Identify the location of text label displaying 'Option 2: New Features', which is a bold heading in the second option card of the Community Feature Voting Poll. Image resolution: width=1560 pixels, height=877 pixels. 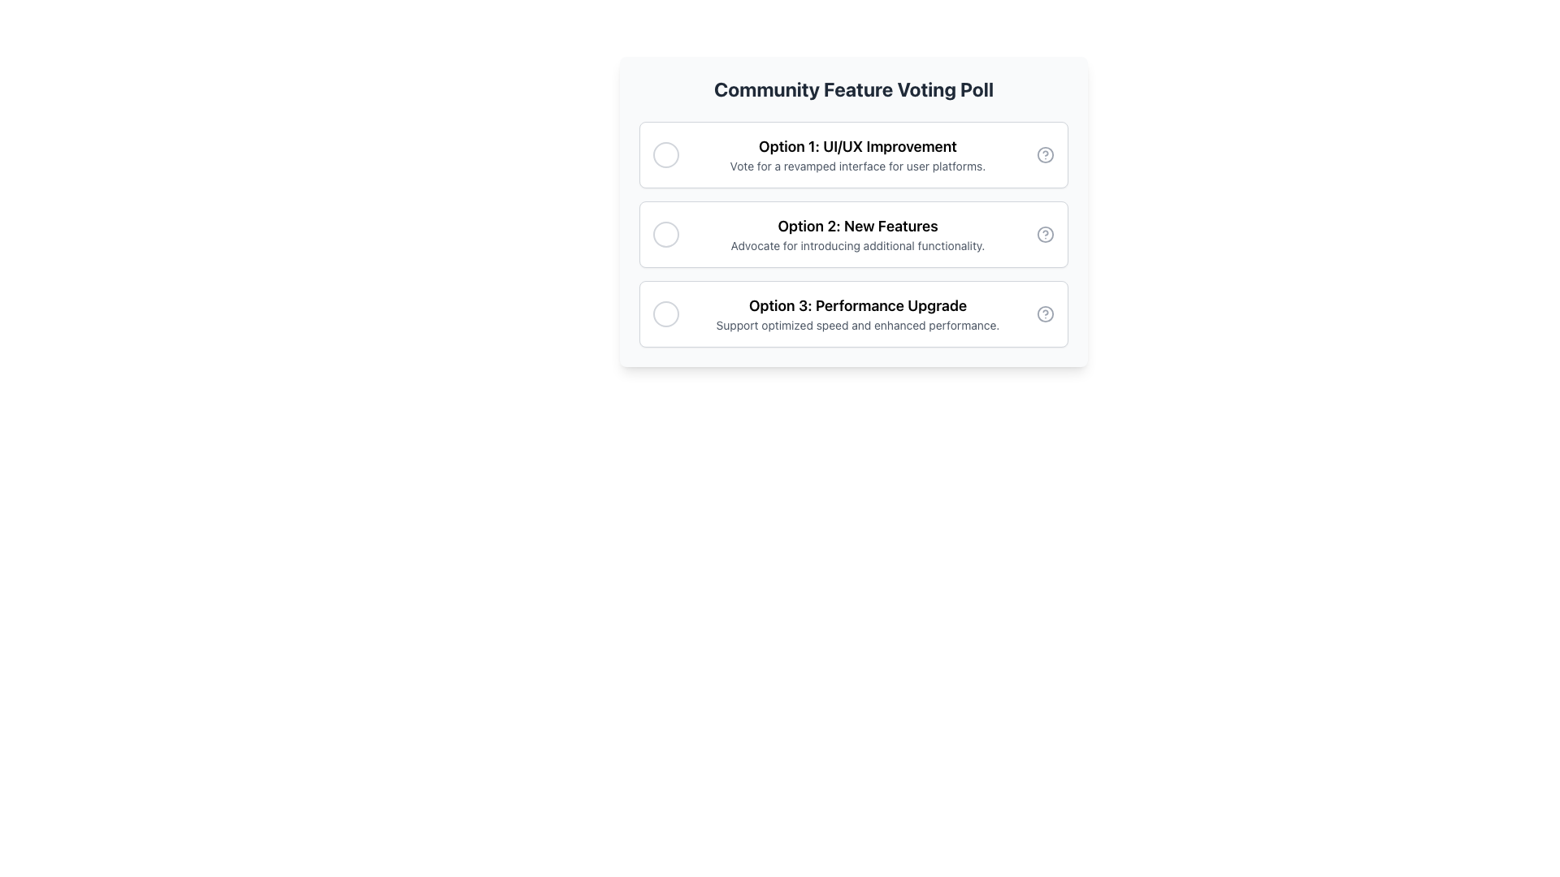
(857, 226).